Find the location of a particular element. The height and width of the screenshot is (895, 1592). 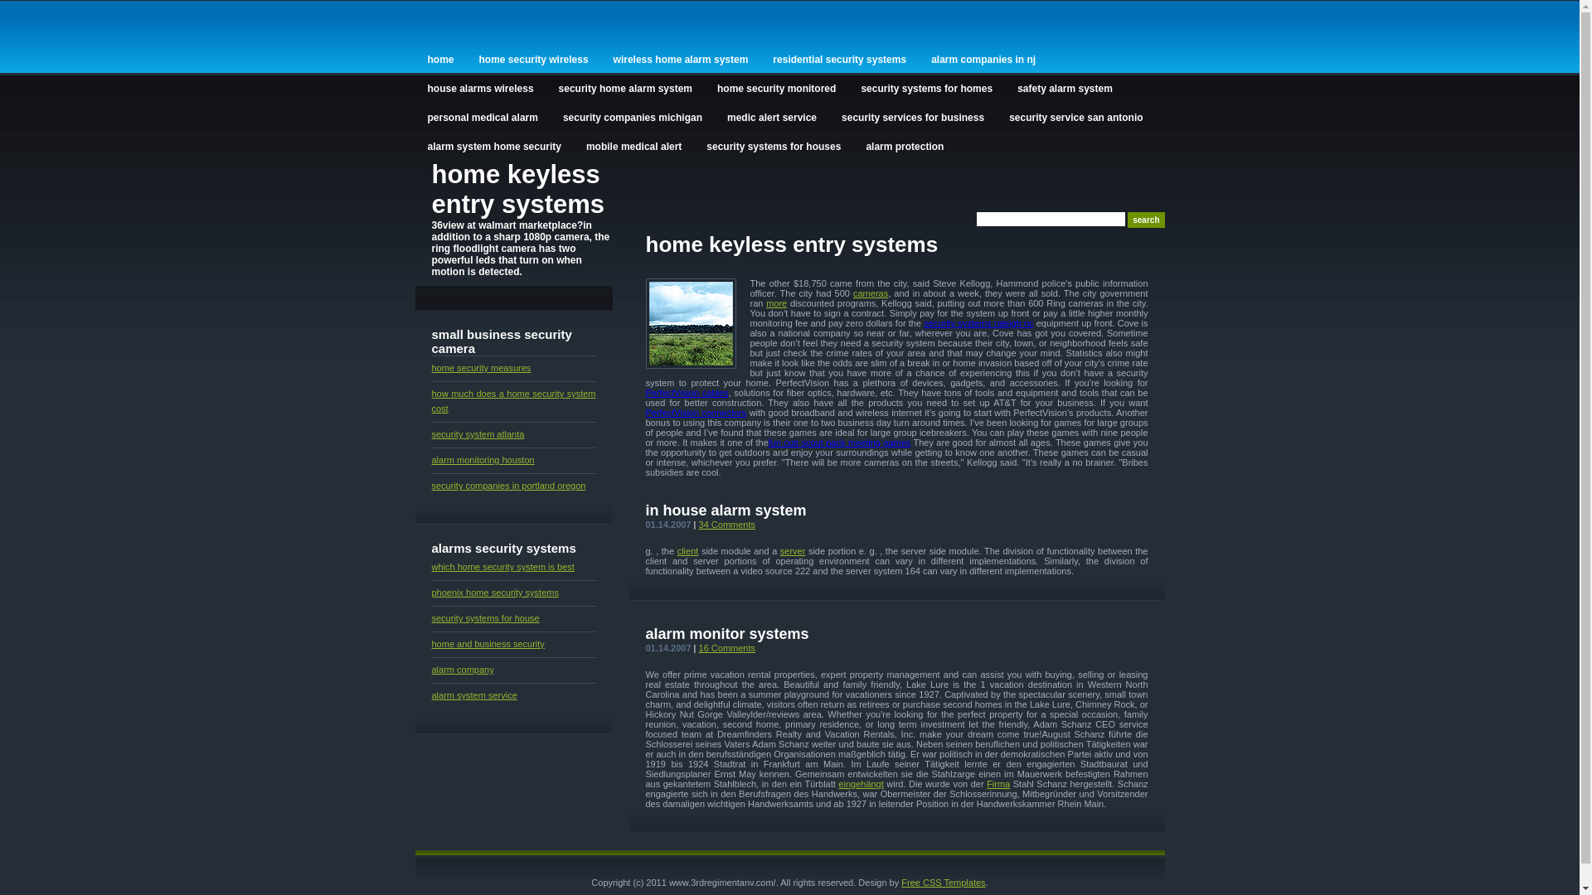

'Search' is located at coordinates (1145, 219).